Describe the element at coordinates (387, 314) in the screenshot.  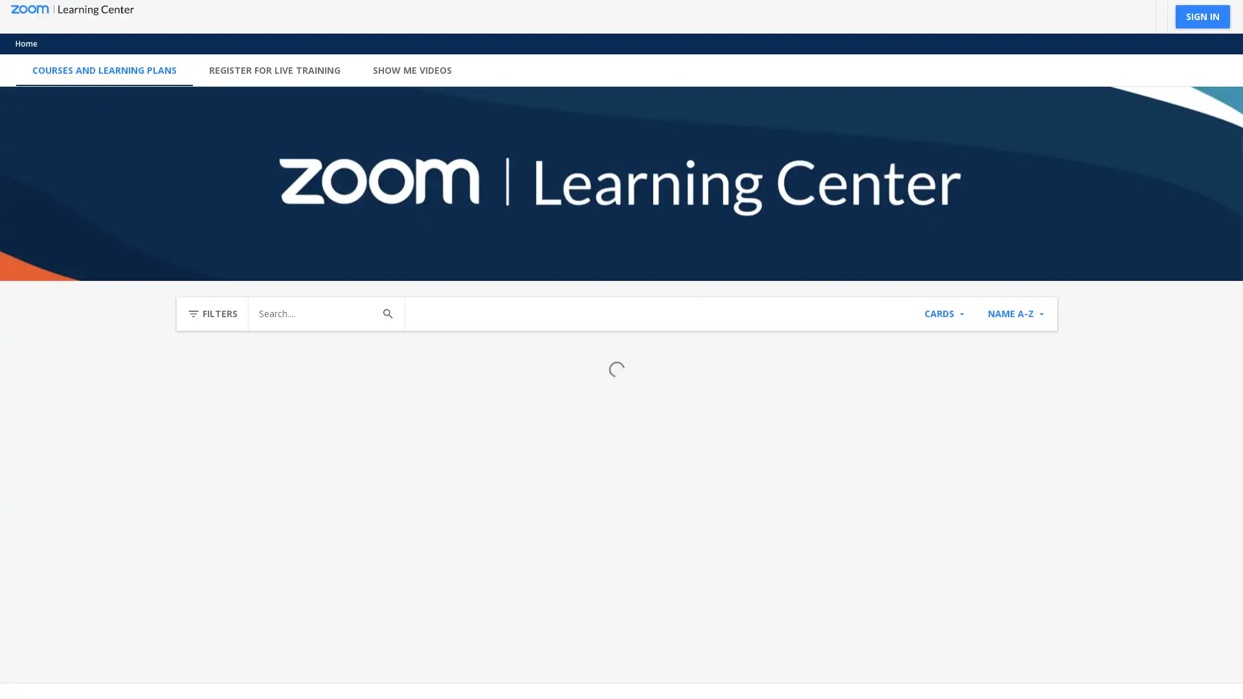
I see `Search` at that location.